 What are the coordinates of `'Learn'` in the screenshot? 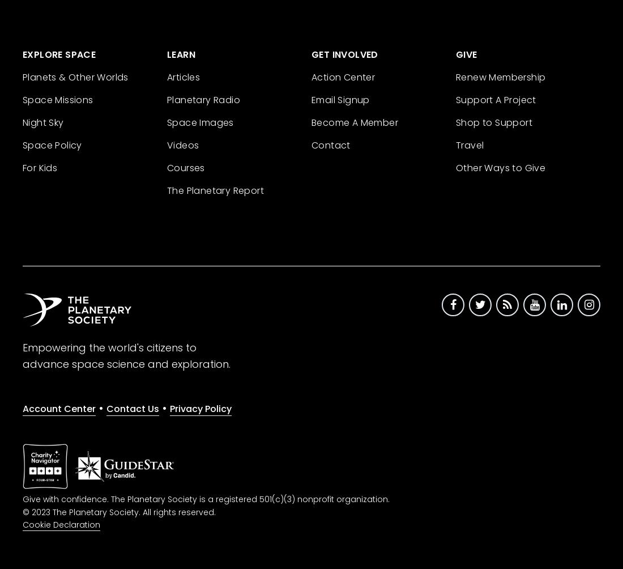 It's located at (180, 54).